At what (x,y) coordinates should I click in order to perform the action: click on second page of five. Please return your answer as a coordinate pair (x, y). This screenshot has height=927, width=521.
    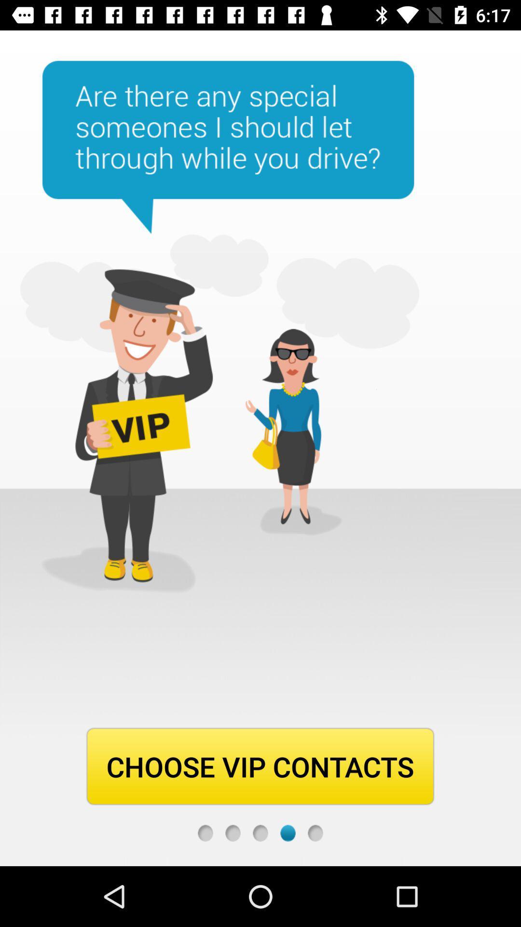
    Looking at the image, I should click on (233, 832).